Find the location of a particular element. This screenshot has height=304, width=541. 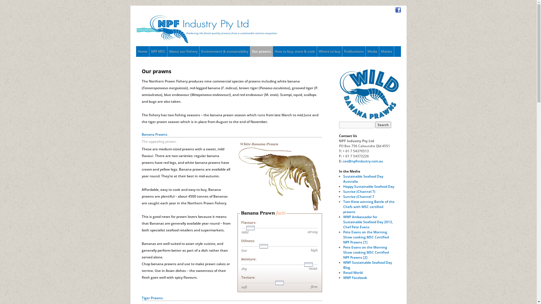

'Sustainable Seafood Day Australia' is located at coordinates (343, 179).